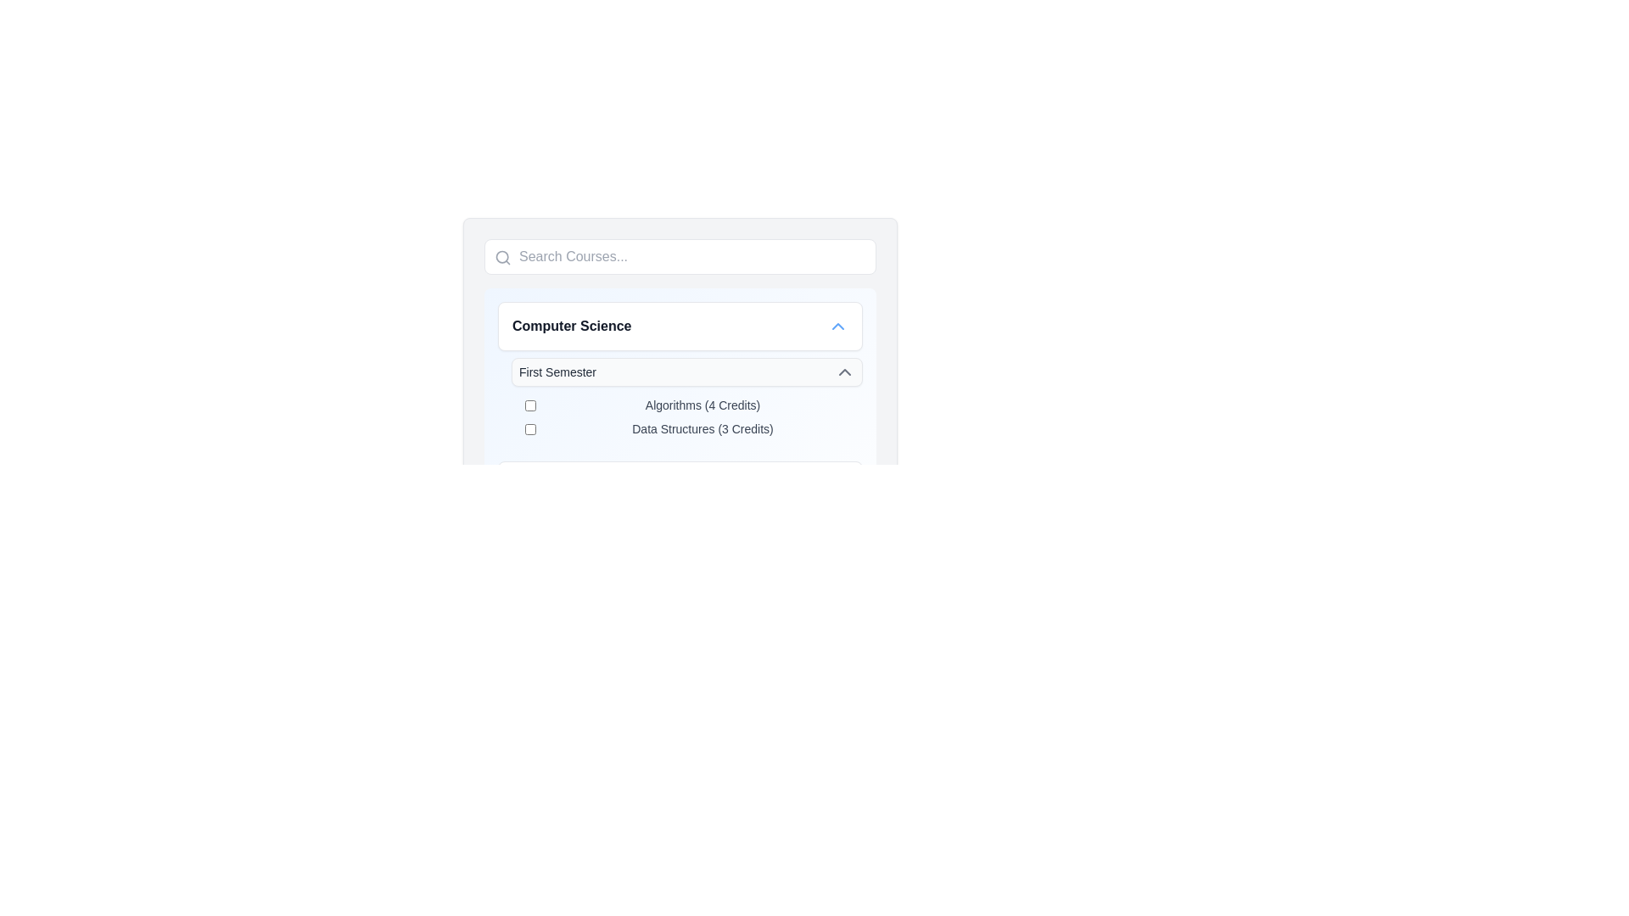 The height and width of the screenshot is (916, 1629). What do you see at coordinates (693, 417) in the screenshot?
I see `the list item group containing 'Algorithms (4 Credits)' and 'Data Structures (3 Credits)' checkboxes` at bounding box center [693, 417].